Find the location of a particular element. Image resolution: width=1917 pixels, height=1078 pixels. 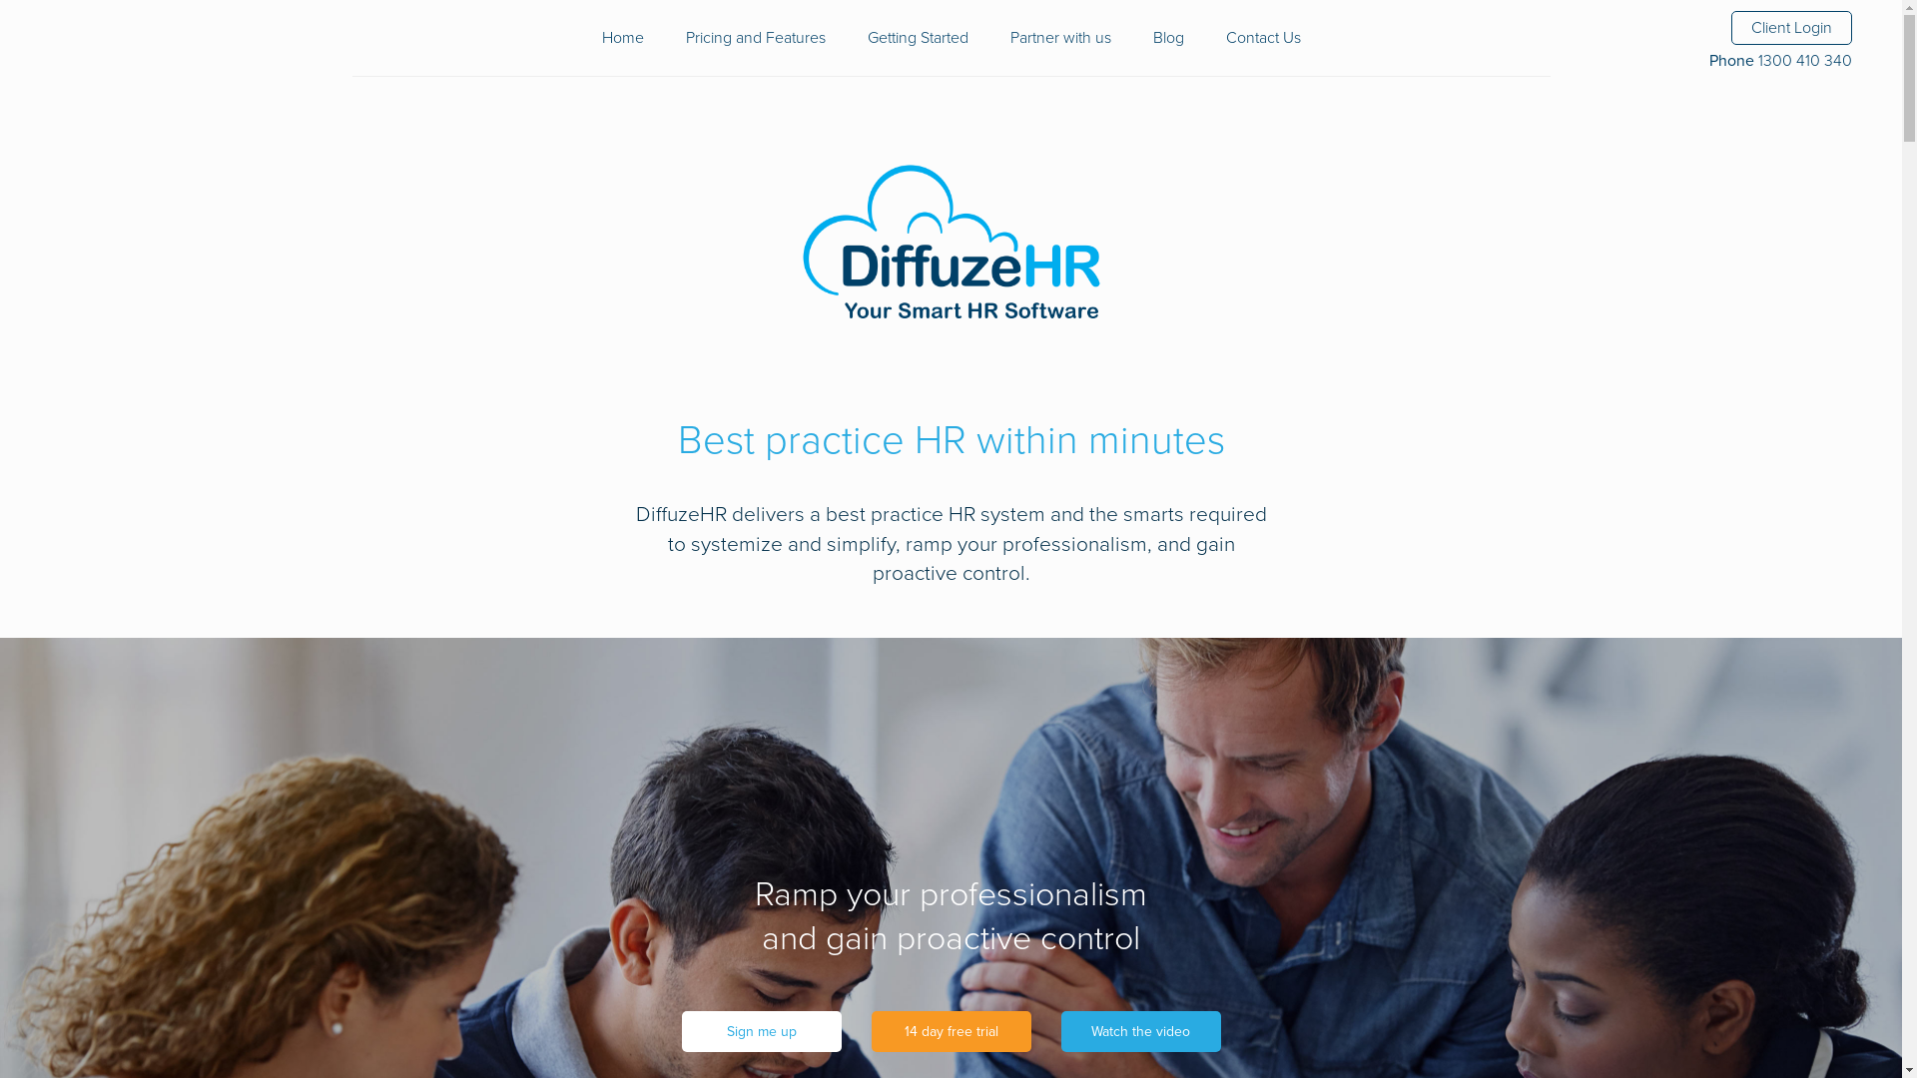

'Getting Started' is located at coordinates (916, 38).